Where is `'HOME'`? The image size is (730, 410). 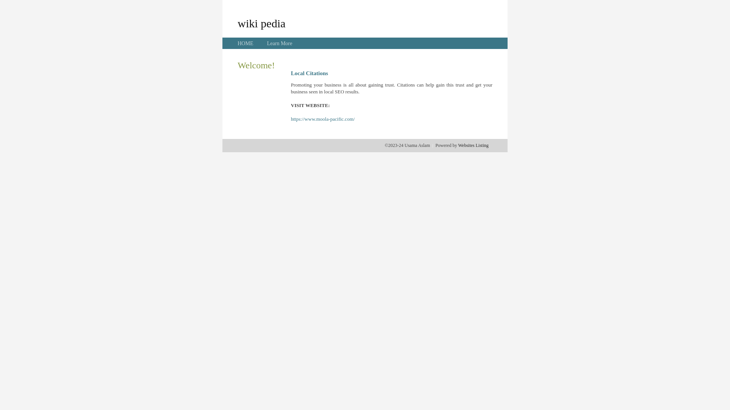
'HOME' is located at coordinates (245, 43).